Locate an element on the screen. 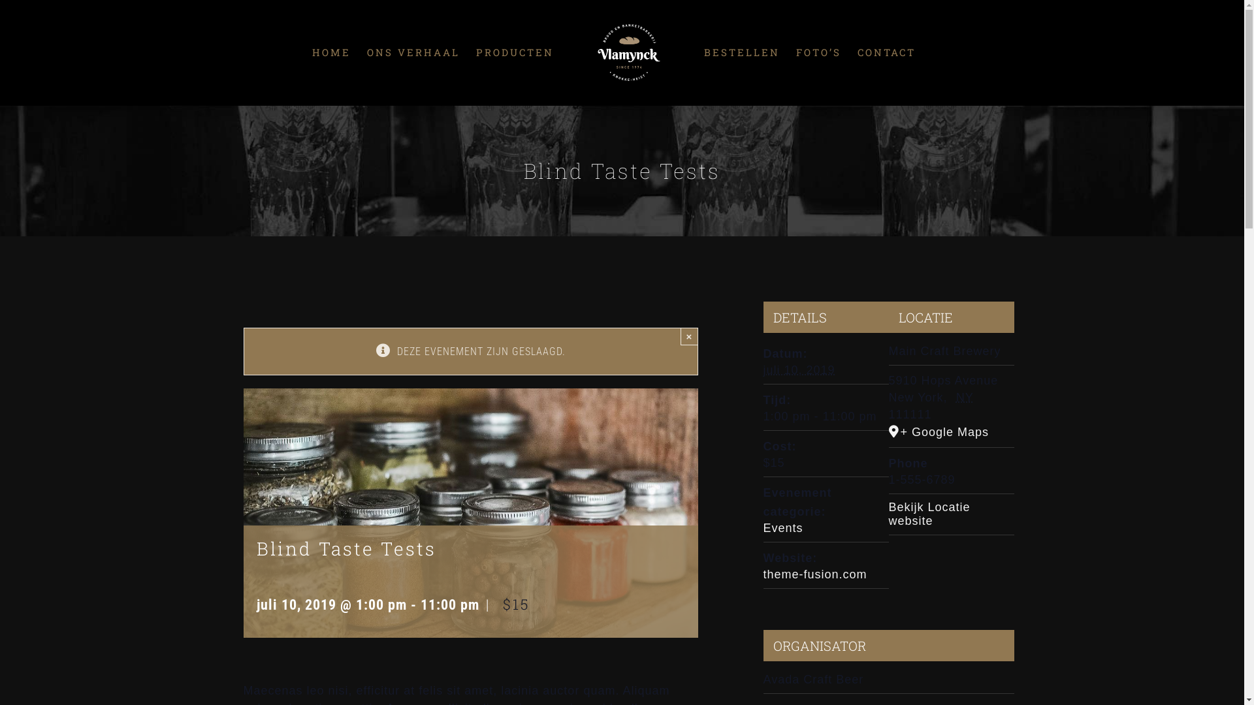 The image size is (1254, 705). 'PRODUCTEN' is located at coordinates (514, 52).